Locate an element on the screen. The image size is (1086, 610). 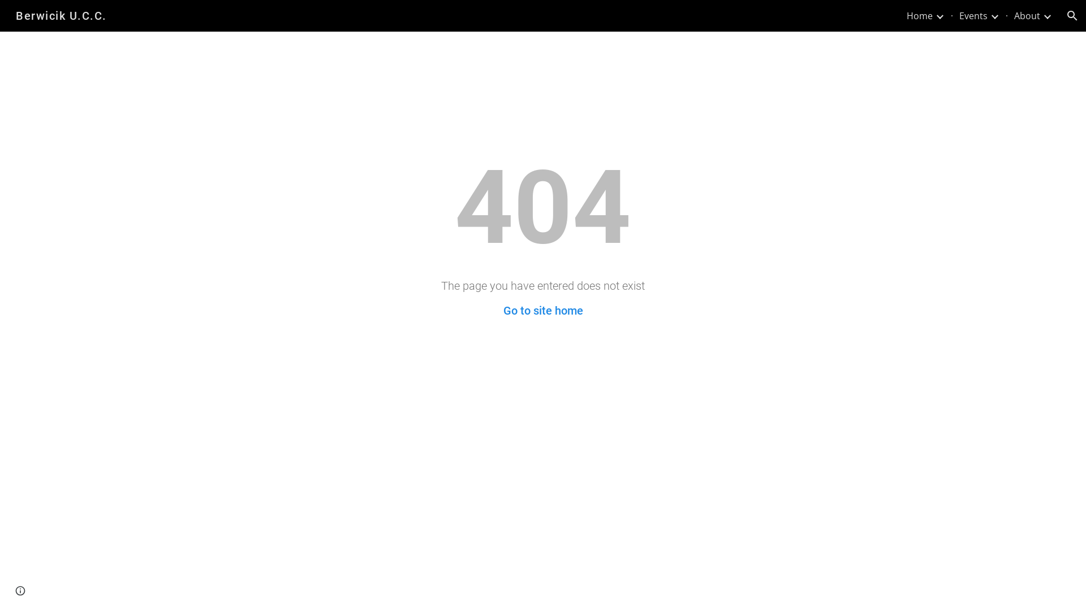
'Expand/Collapse' is located at coordinates (988, 15).